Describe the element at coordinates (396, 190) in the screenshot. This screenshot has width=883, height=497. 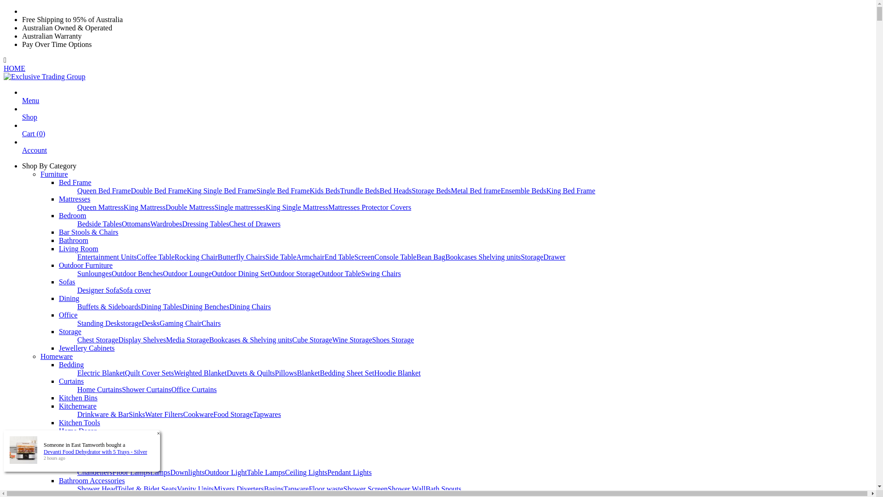
I see `'Bed Heads'` at that location.